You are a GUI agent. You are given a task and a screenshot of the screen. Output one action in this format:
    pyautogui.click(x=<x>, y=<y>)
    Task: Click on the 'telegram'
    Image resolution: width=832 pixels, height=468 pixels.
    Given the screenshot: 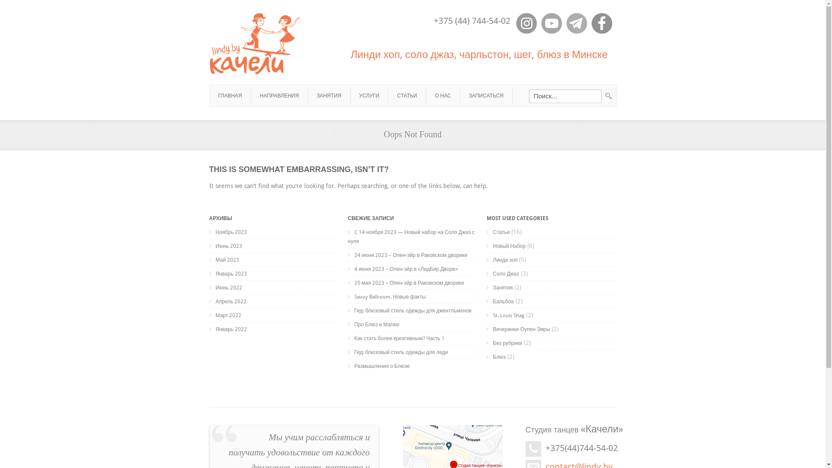 What is the action you would take?
    pyautogui.click(x=576, y=23)
    